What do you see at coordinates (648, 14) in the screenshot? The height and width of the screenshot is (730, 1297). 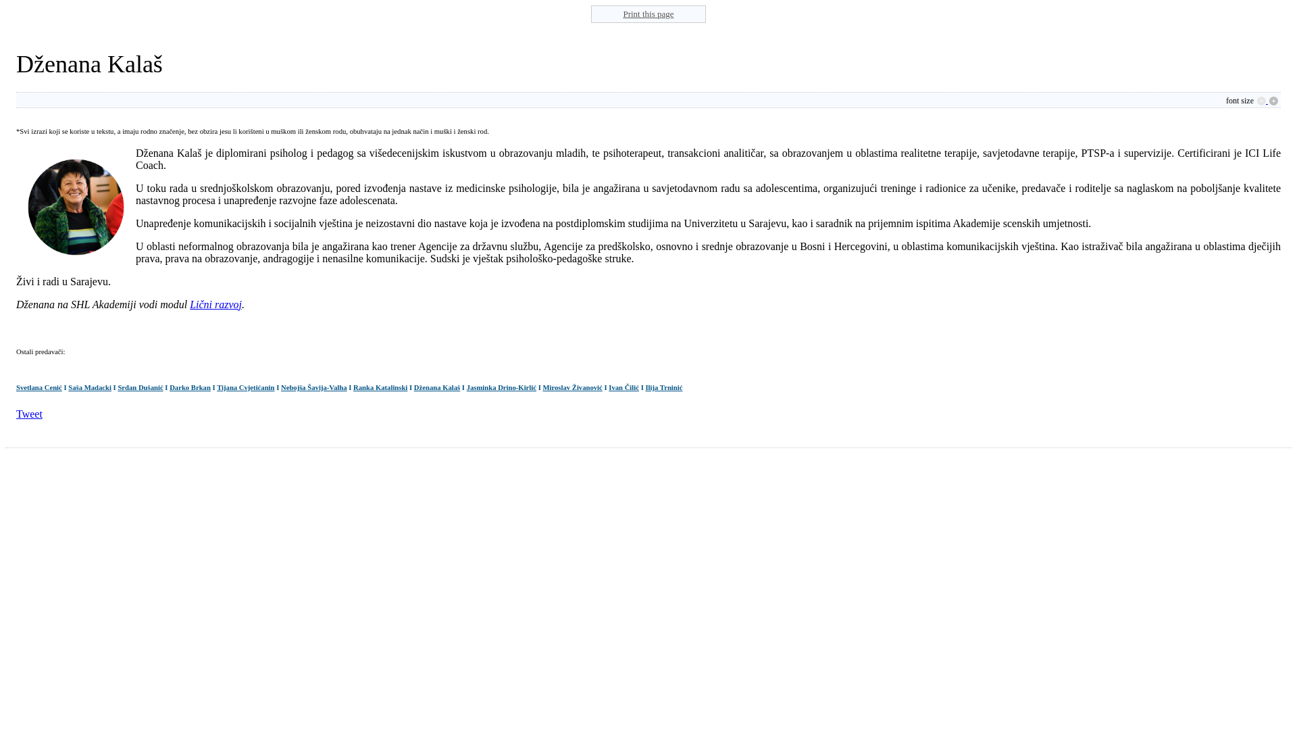 I see `'Print this page'` at bounding box center [648, 14].